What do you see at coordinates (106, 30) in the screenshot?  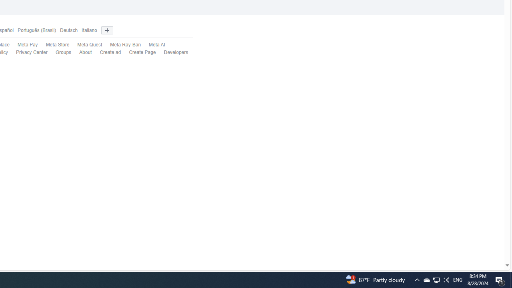 I see `'Show more languages'` at bounding box center [106, 30].